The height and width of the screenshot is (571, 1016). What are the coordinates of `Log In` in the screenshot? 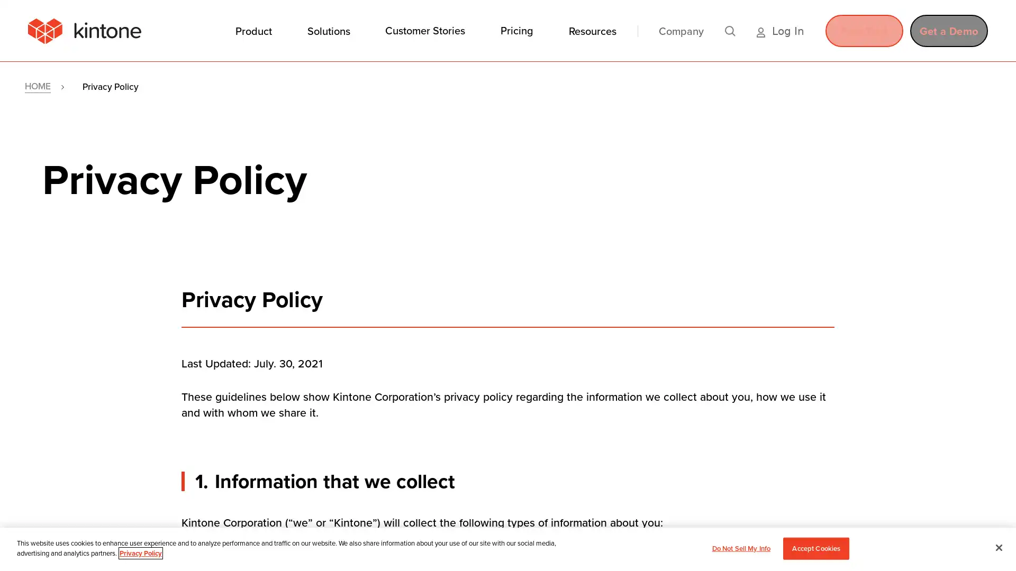 It's located at (780, 30).